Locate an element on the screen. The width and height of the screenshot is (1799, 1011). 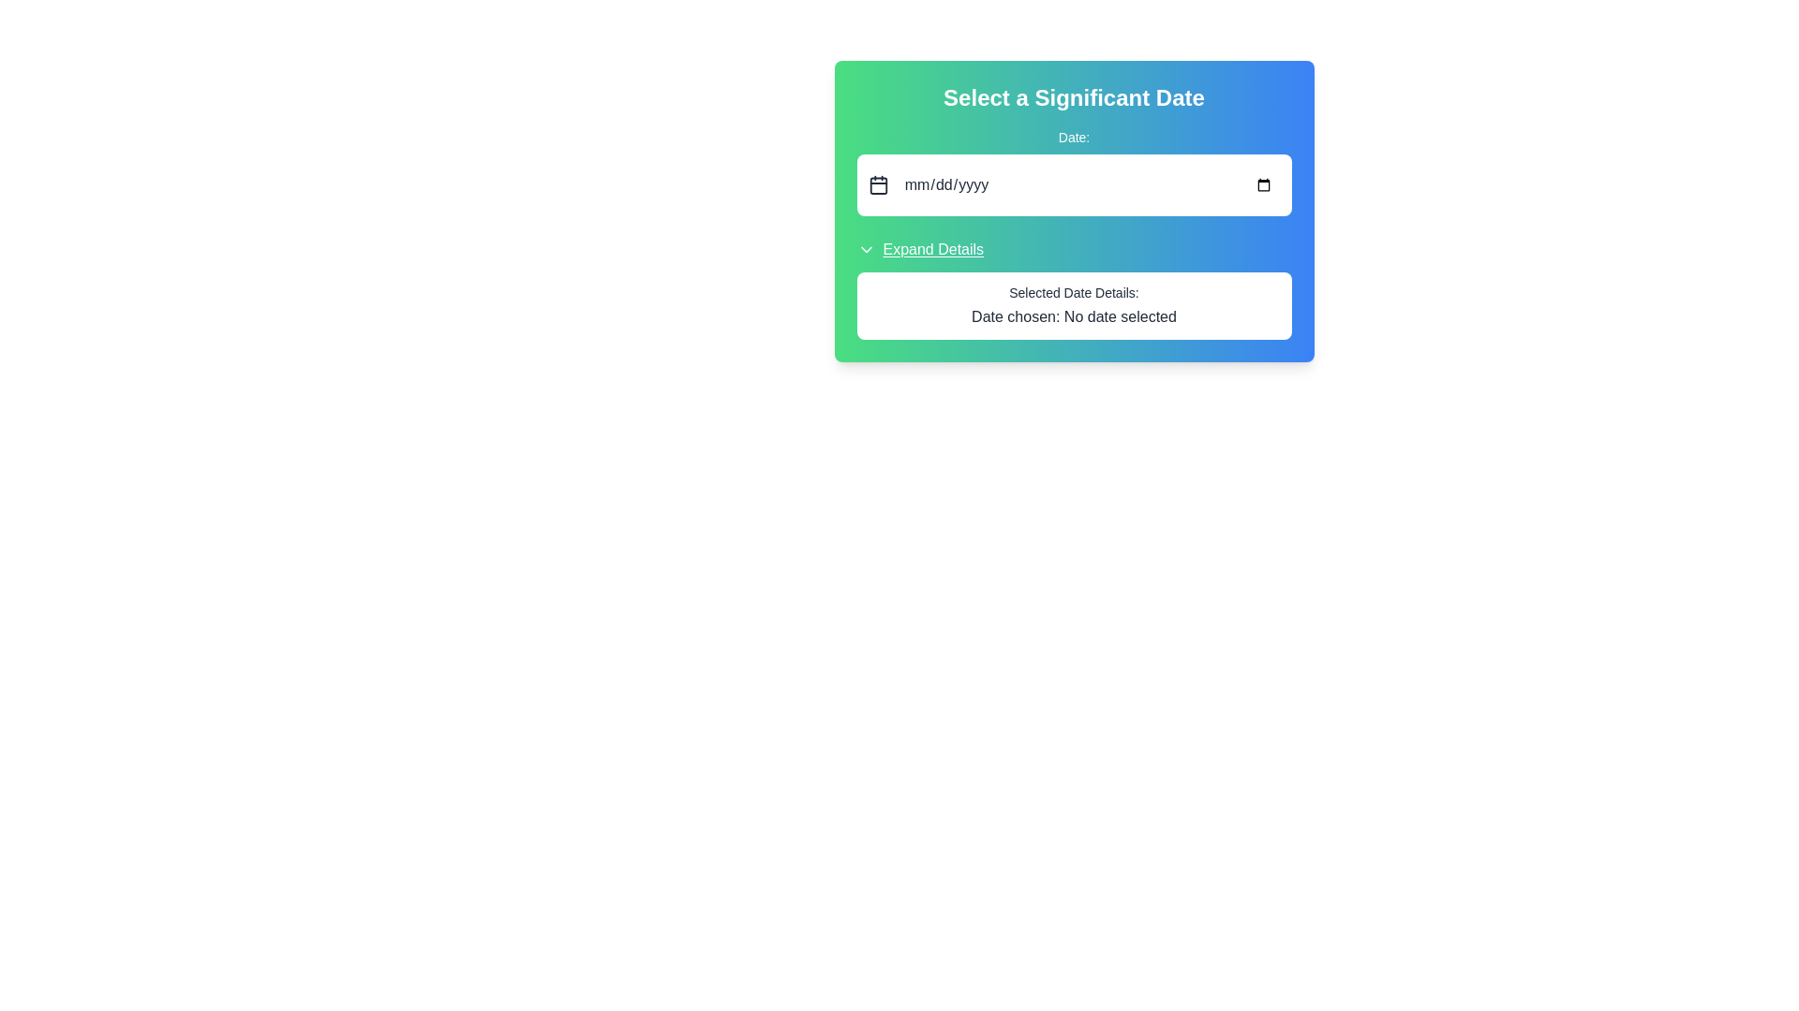
the date picker icon located to the left of the input field labeled 'mm/dd/yyyy', which serves as an indicator for date selection is located at coordinates (877, 185).